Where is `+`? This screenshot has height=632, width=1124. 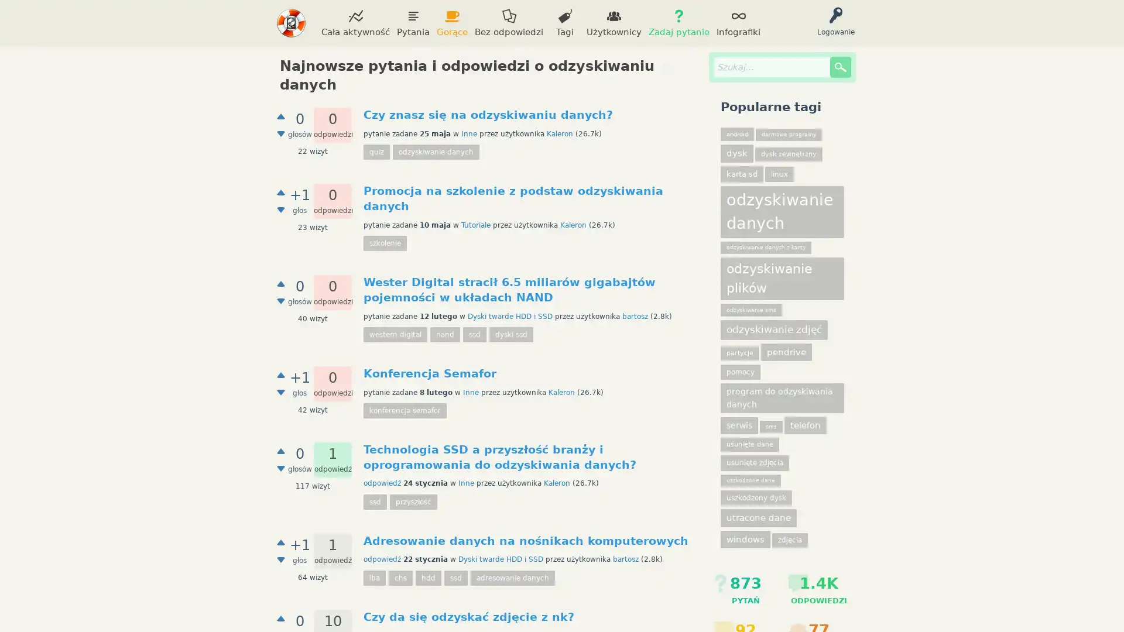 + is located at coordinates (281, 450).